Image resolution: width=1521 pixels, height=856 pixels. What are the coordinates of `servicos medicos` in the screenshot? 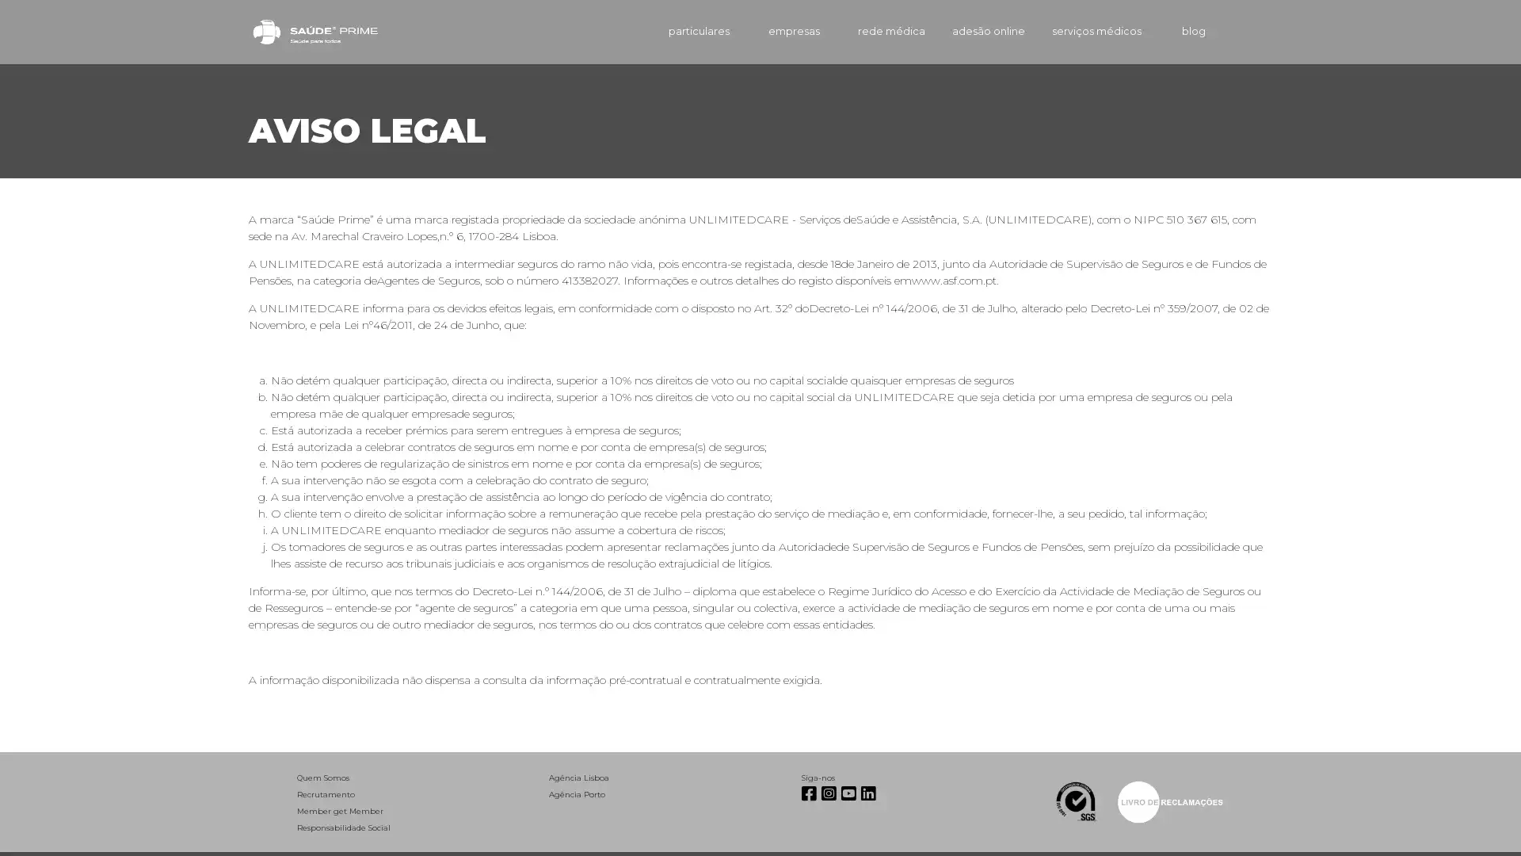 It's located at (1086, 31).